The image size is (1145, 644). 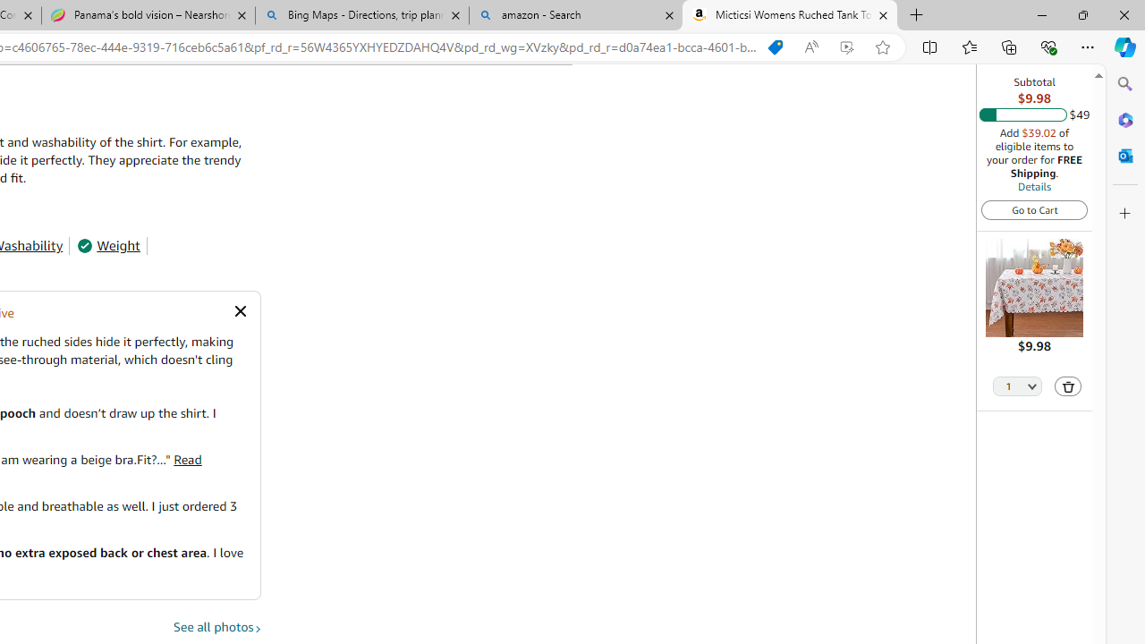 What do you see at coordinates (216, 626) in the screenshot?
I see `'See all photos'` at bounding box center [216, 626].